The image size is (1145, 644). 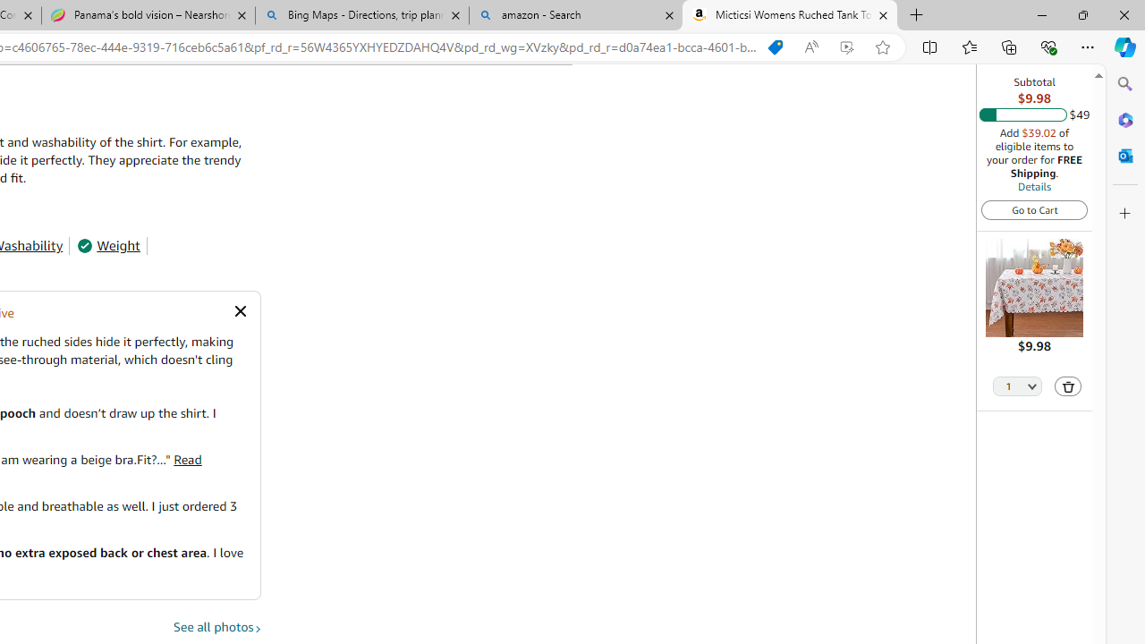 What do you see at coordinates (216, 626) in the screenshot?
I see `'See all photos'` at bounding box center [216, 626].